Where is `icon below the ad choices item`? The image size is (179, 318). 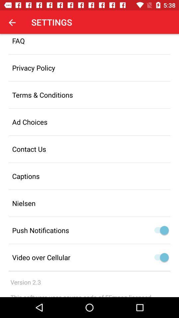 icon below the ad choices item is located at coordinates (89, 149).